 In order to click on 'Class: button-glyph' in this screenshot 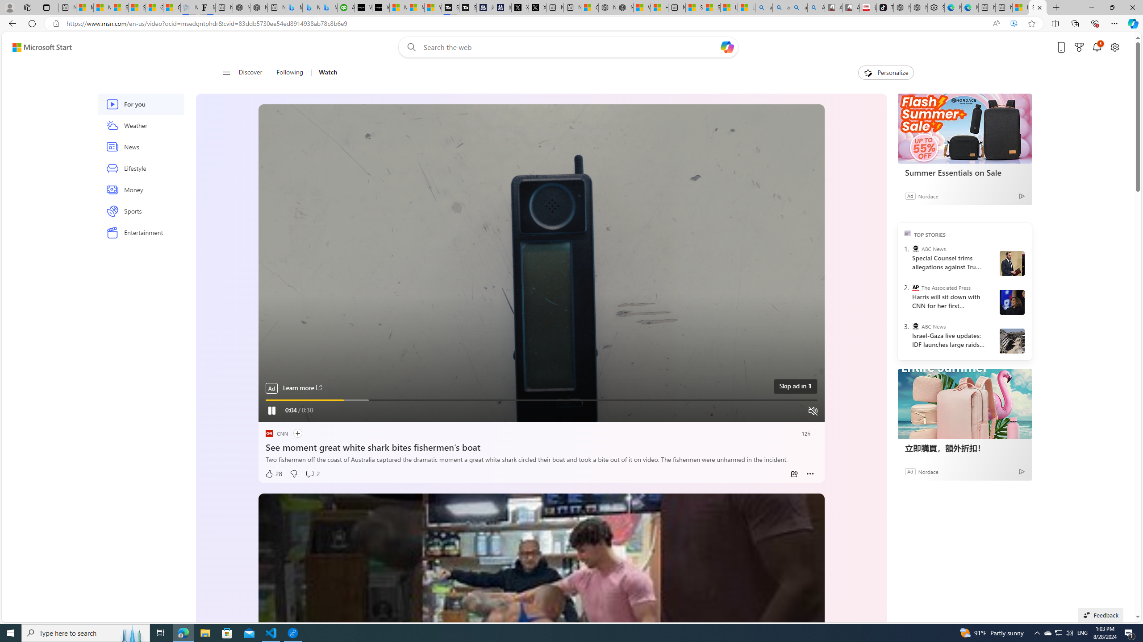, I will do `click(225, 72)`.